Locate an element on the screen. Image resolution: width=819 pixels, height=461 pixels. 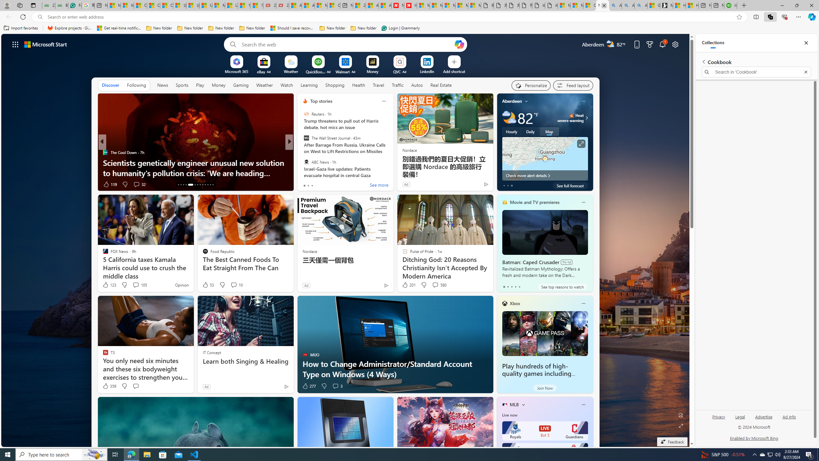
'AutomationID: waffle' is located at coordinates (15, 44).